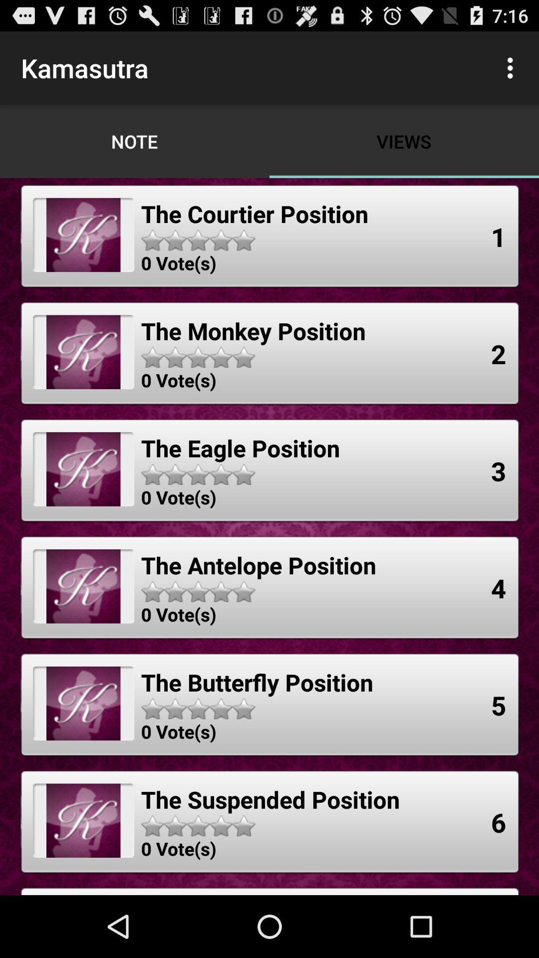 The image size is (539, 958). Describe the element at coordinates (499, 354) in the screenshot. I see `the app next to the monkey position icon` at that location.